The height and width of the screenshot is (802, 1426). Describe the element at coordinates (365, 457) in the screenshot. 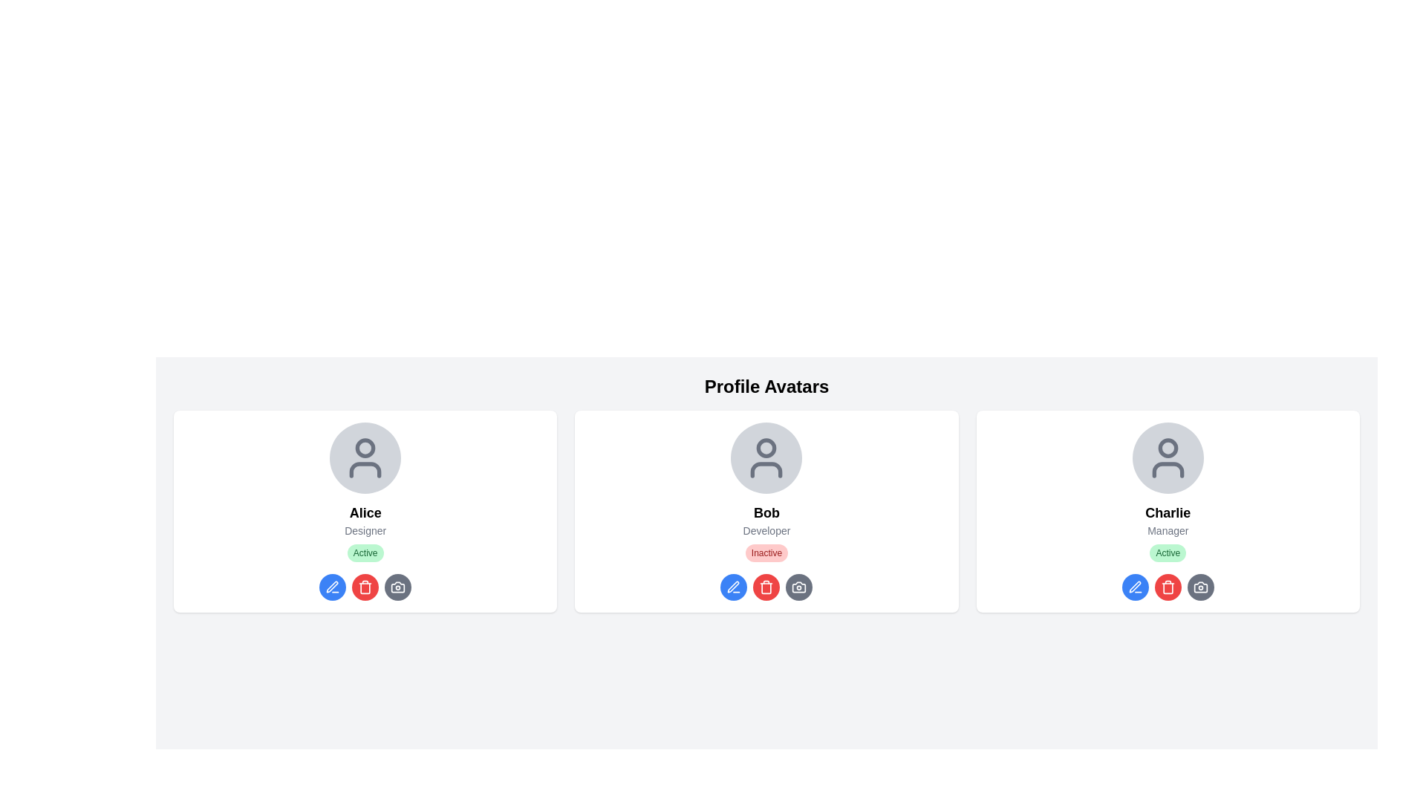

I see `the user profile icon which is a circular graphical icon at the top of the user profile card, the first card in a row of three cards on the left` at that location.